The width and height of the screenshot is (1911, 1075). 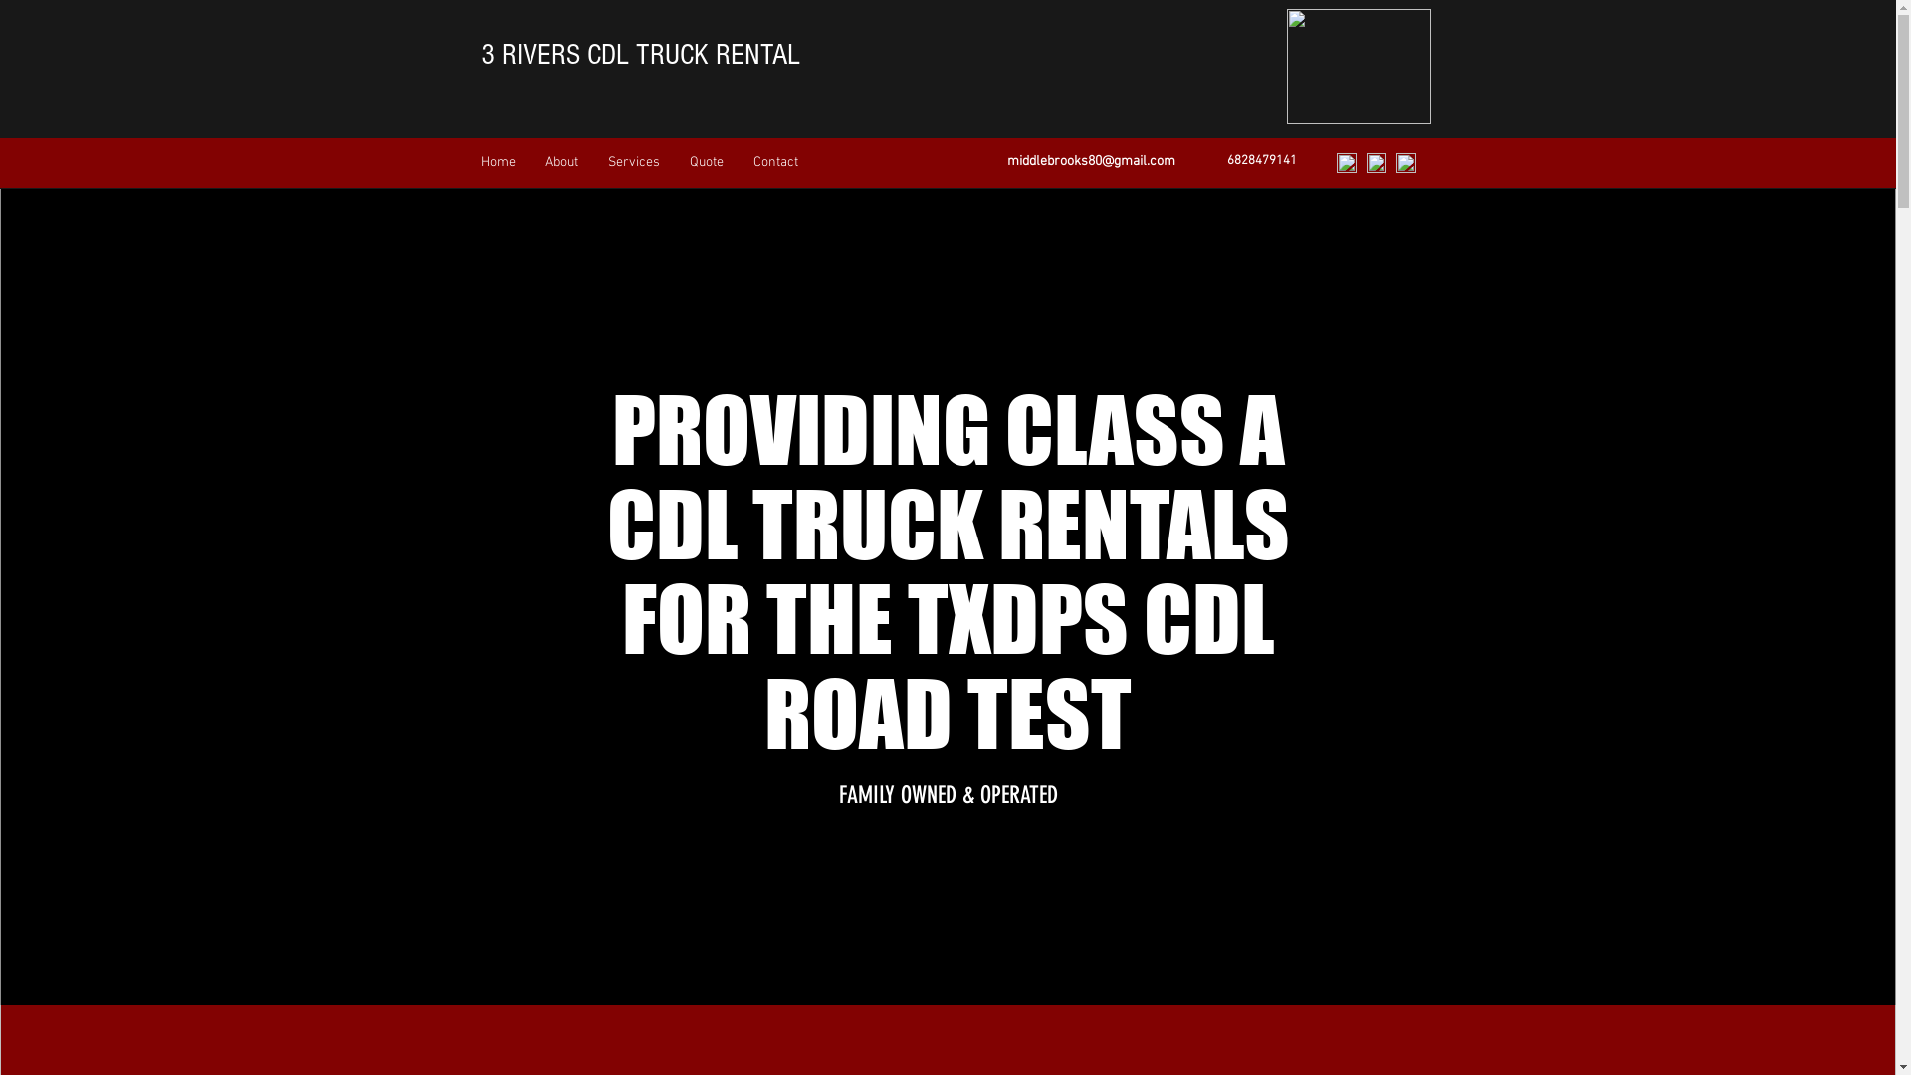 I want to click on 'Quote', so click(x=707, y=162).